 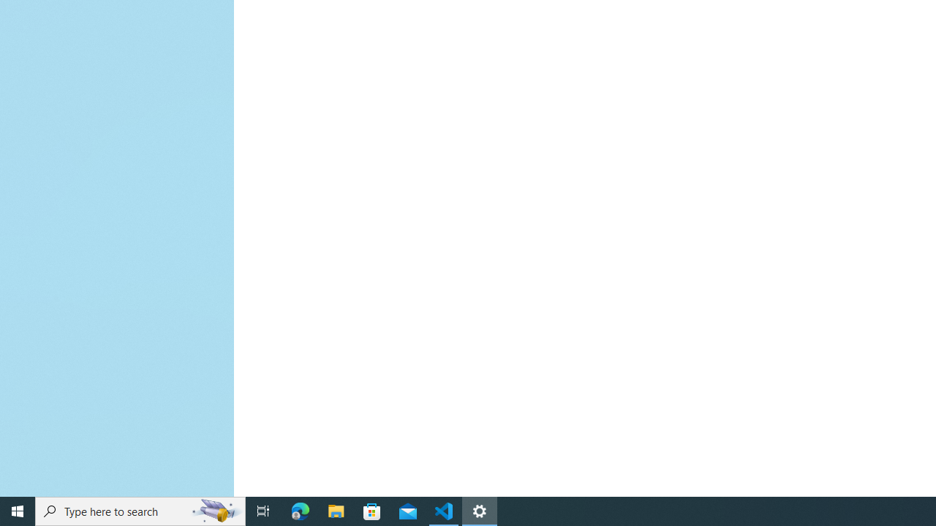 What do you see at coordinates (443, 510) in the screenshot?
I see `'Visual Studio Code - 1 running window'` at bounding box center [443, 510].